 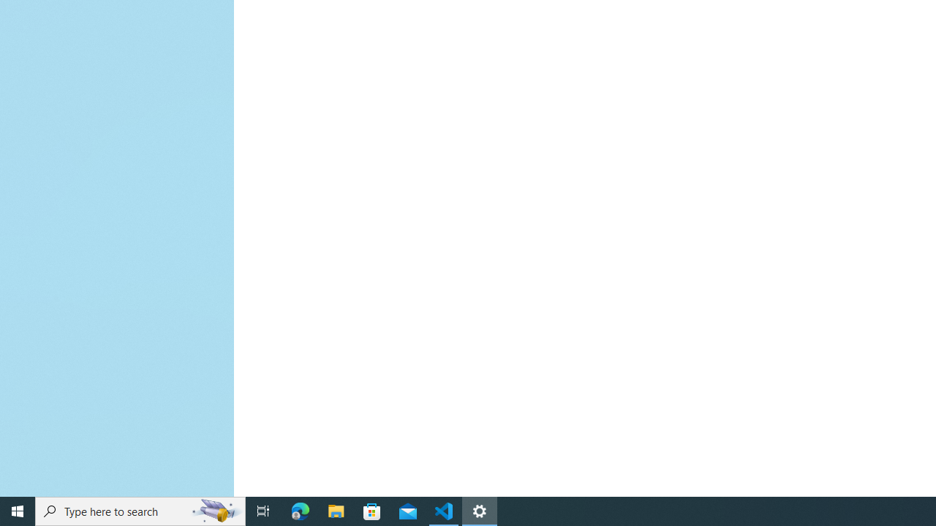 What do you see at coordinates (443, 510) in the screenshot?
I see `'Visual Studio Code - 1 running window'` at bounding box center [443, 510].